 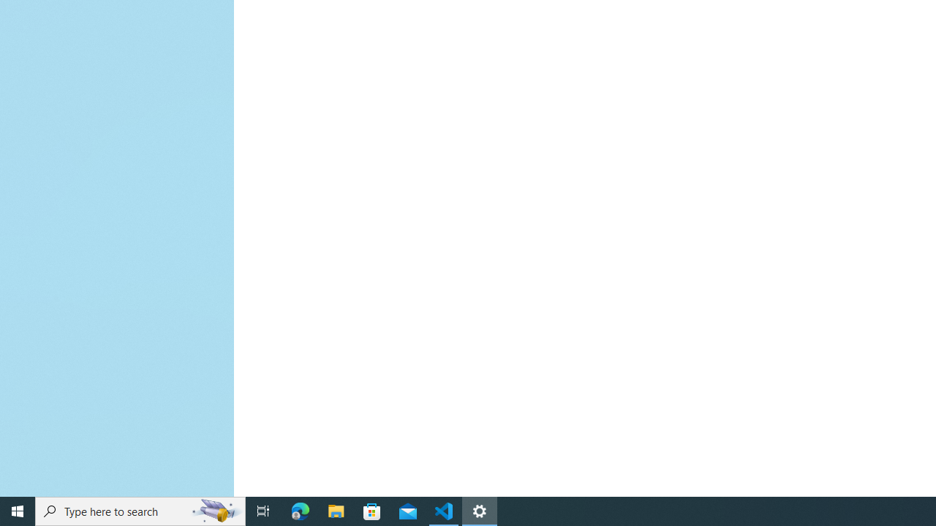 What do you see at coordinates (443, 510) in the screenshot?
I see `'Visual Studio Code - 1 running window'` at bounding box center [443, 510].